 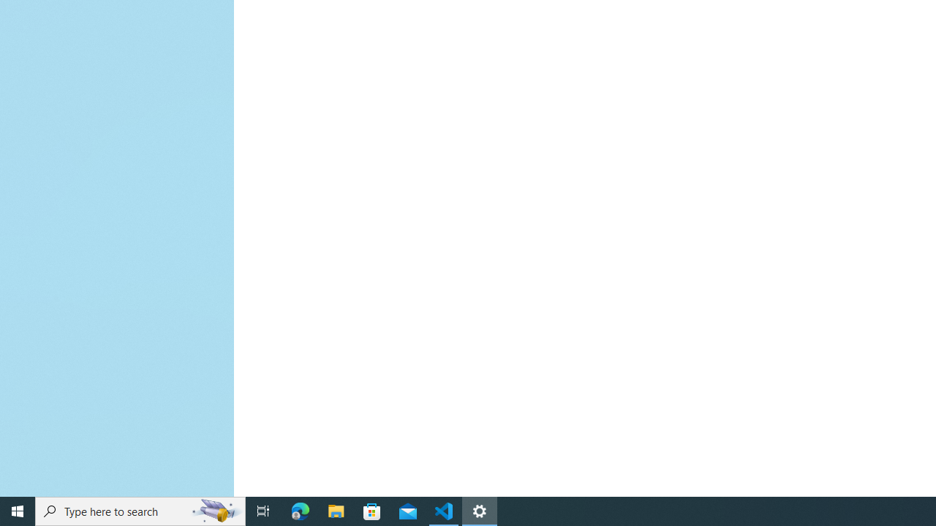 What do you see at coordinates (443, 510) in the screenshot?
I see `'Visual Studio Code - 1 running window'` at bounding box center [443, 510].